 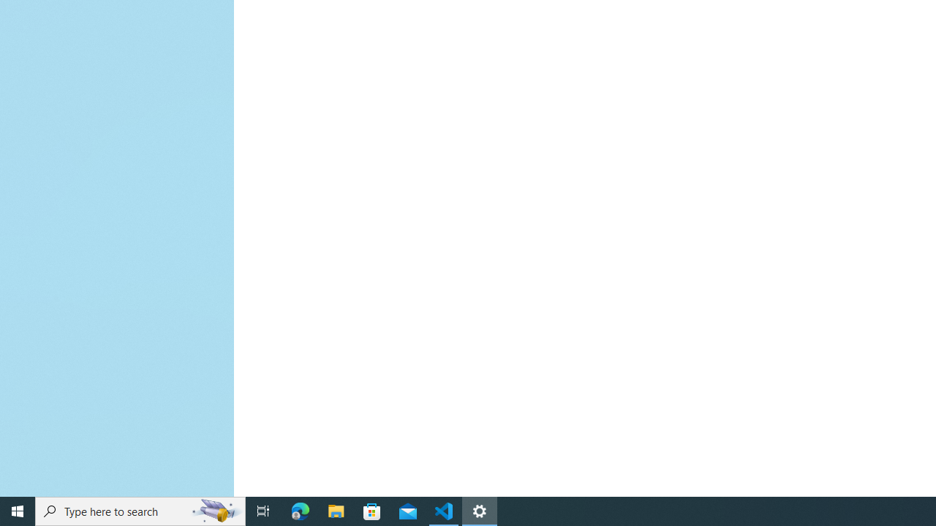 What do you see at coordinates (443, 510) in the screenshot?
I see `'Visual Studio Code - 1 running window'` at bounding box center [443, 510].